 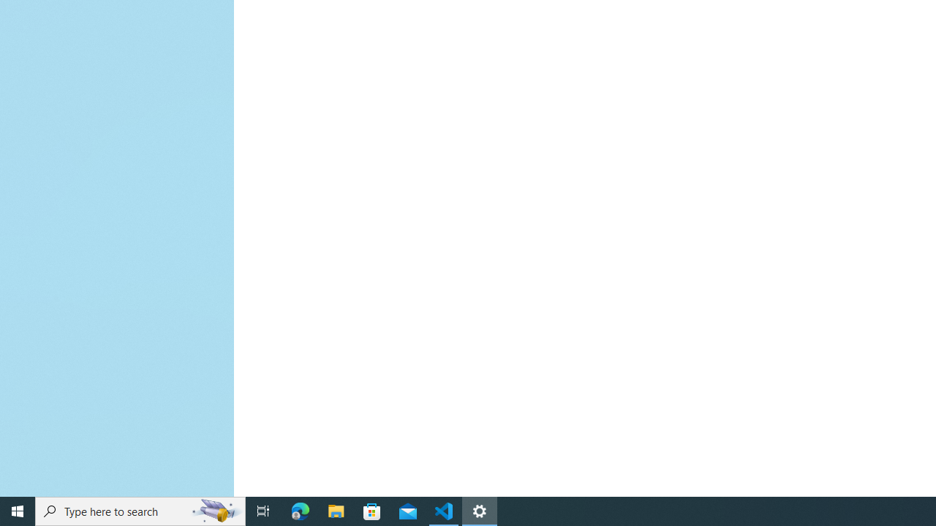 What do you see at coordinates (443, 510) in the screenshot?
I see `'Visual Studio Code - 1 running window'` at bounding box center [443, 510].